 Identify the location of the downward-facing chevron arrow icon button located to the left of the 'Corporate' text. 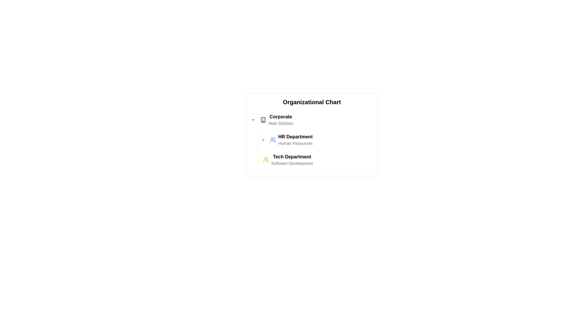
(253, 120).